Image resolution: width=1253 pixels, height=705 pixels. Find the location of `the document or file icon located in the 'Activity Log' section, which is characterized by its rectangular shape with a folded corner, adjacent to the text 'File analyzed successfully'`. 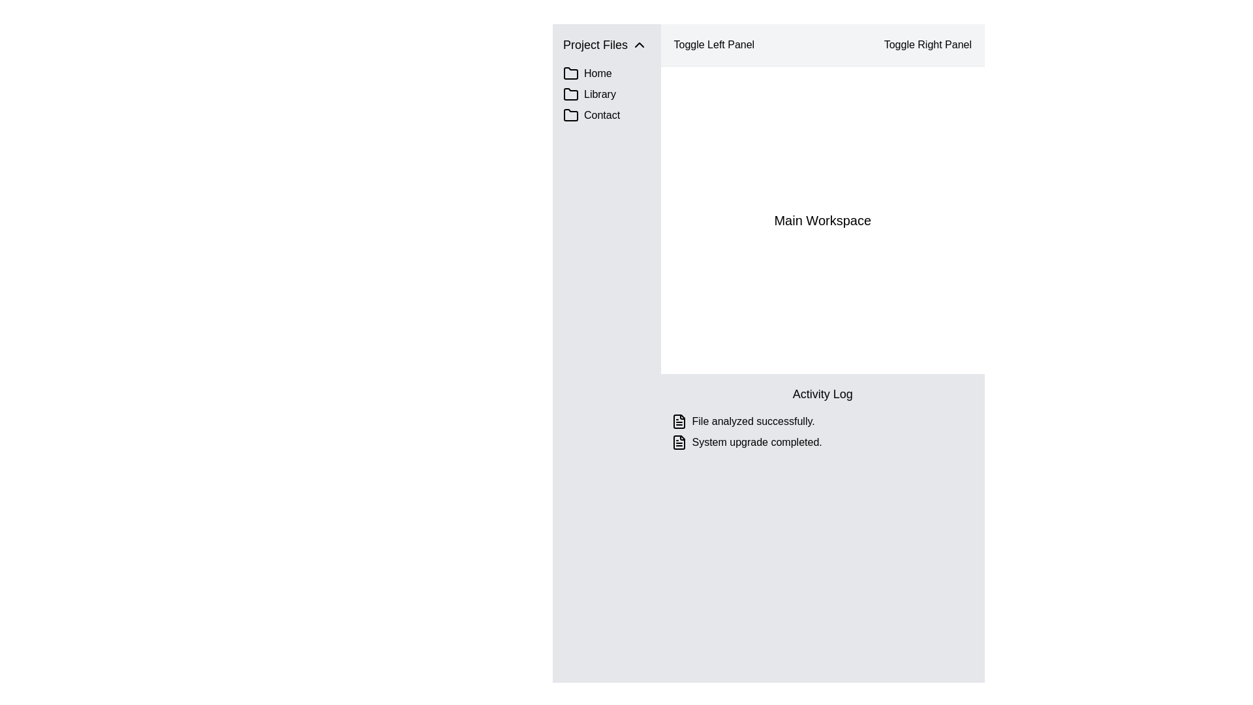

the document or file icon located in the 'Activity Log' section, which is characterized by its rectangular shape with a folded corner, adjacent to the text 'File analyzed successfully' is located at coordinates (679, 442).